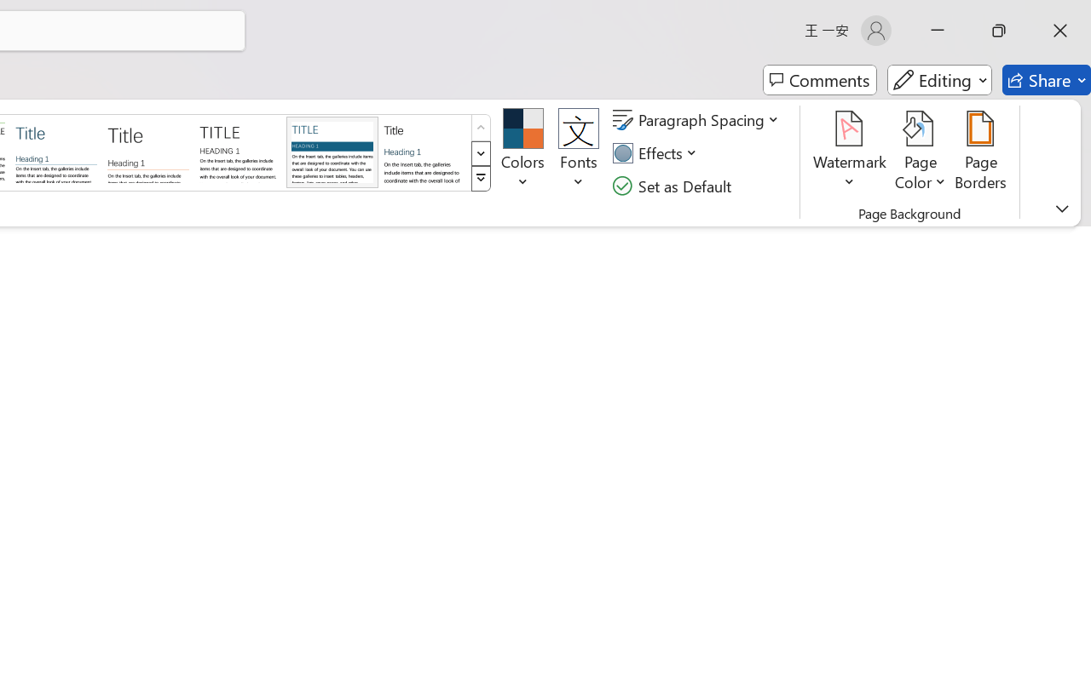  Describe the element at coordinates (480, 179) in the screenshot. I see `'Style Set'` at that location.